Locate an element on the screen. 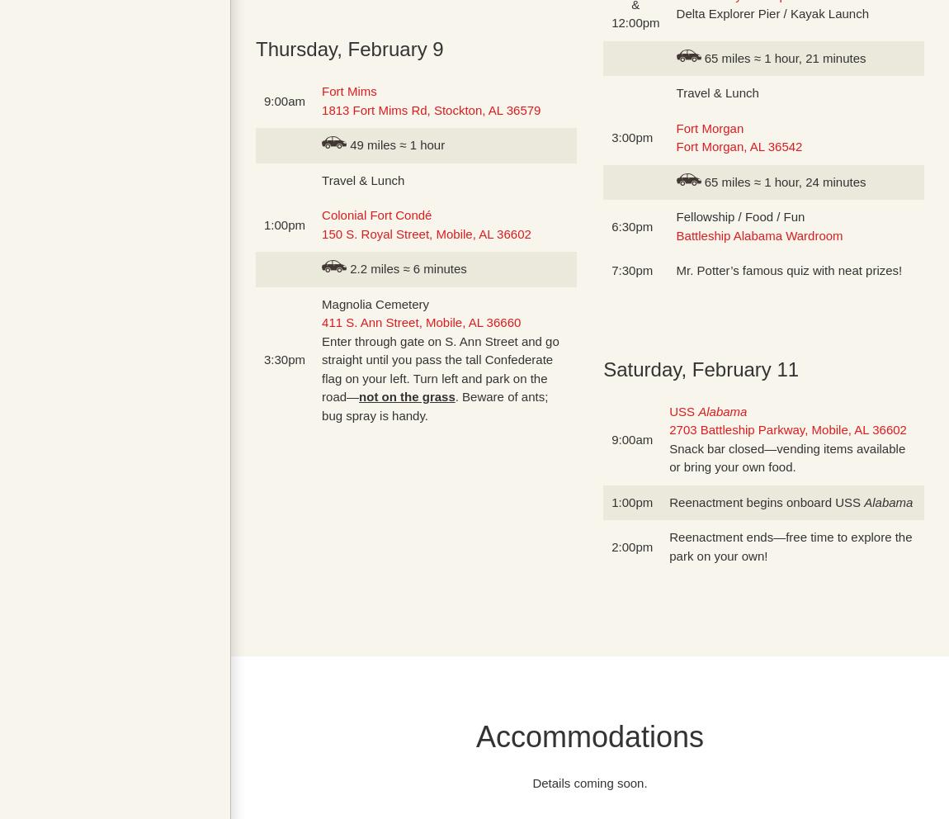 This screenshot has width=949, height=819. 'Saturday, February 11' is located at coordinates (700, 367).